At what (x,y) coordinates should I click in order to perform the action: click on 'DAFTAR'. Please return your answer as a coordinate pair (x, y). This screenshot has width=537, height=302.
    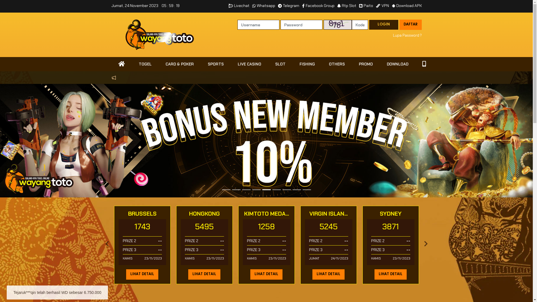
    Looking at the image, I should click on (411, 24).